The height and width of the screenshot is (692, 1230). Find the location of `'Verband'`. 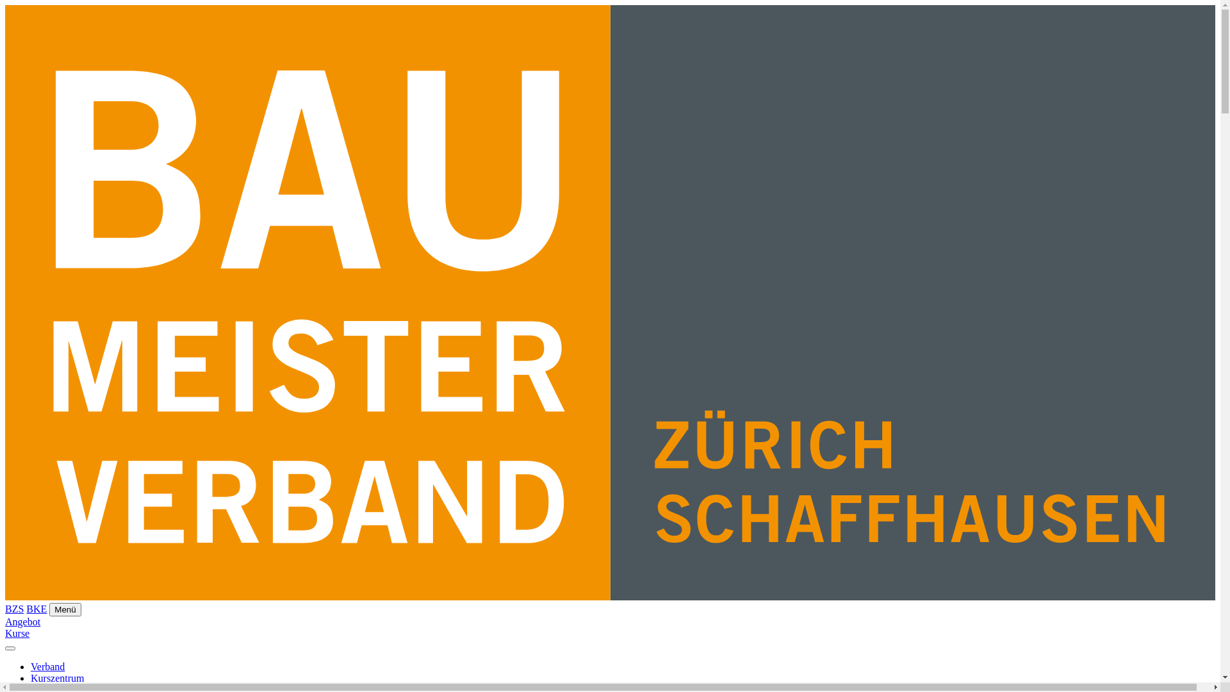

'Verband' is located at coordinates (47, 666).